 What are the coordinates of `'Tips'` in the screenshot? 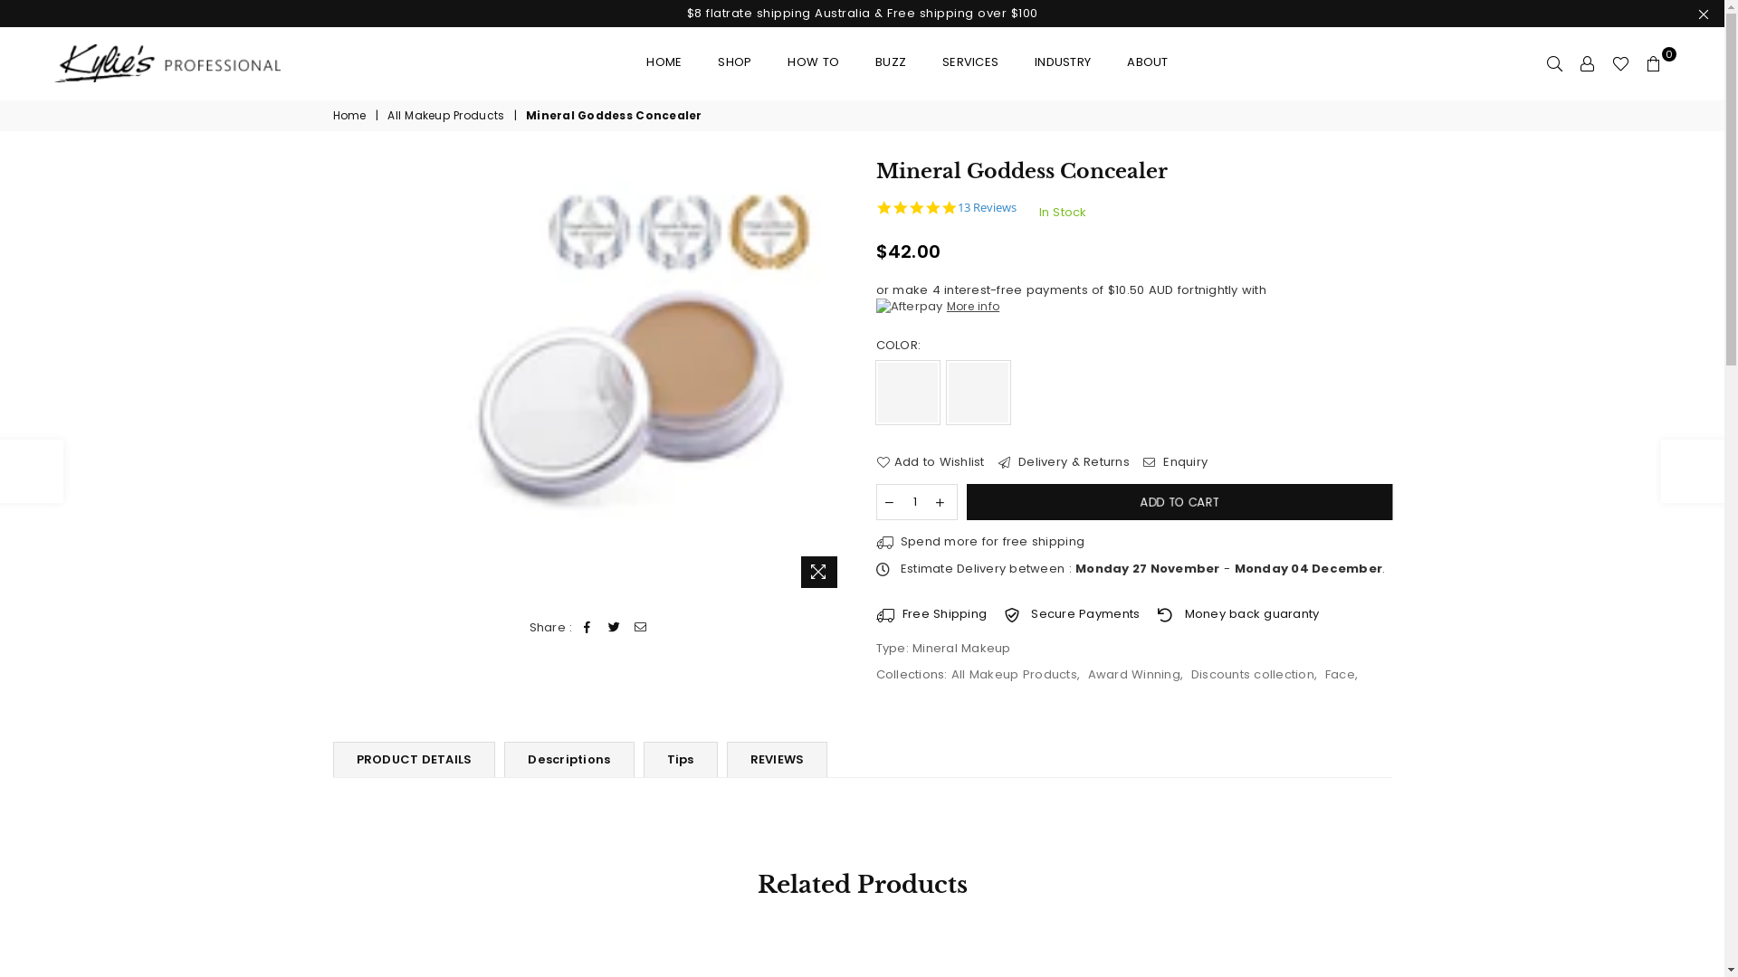 It's located at (680, 759).